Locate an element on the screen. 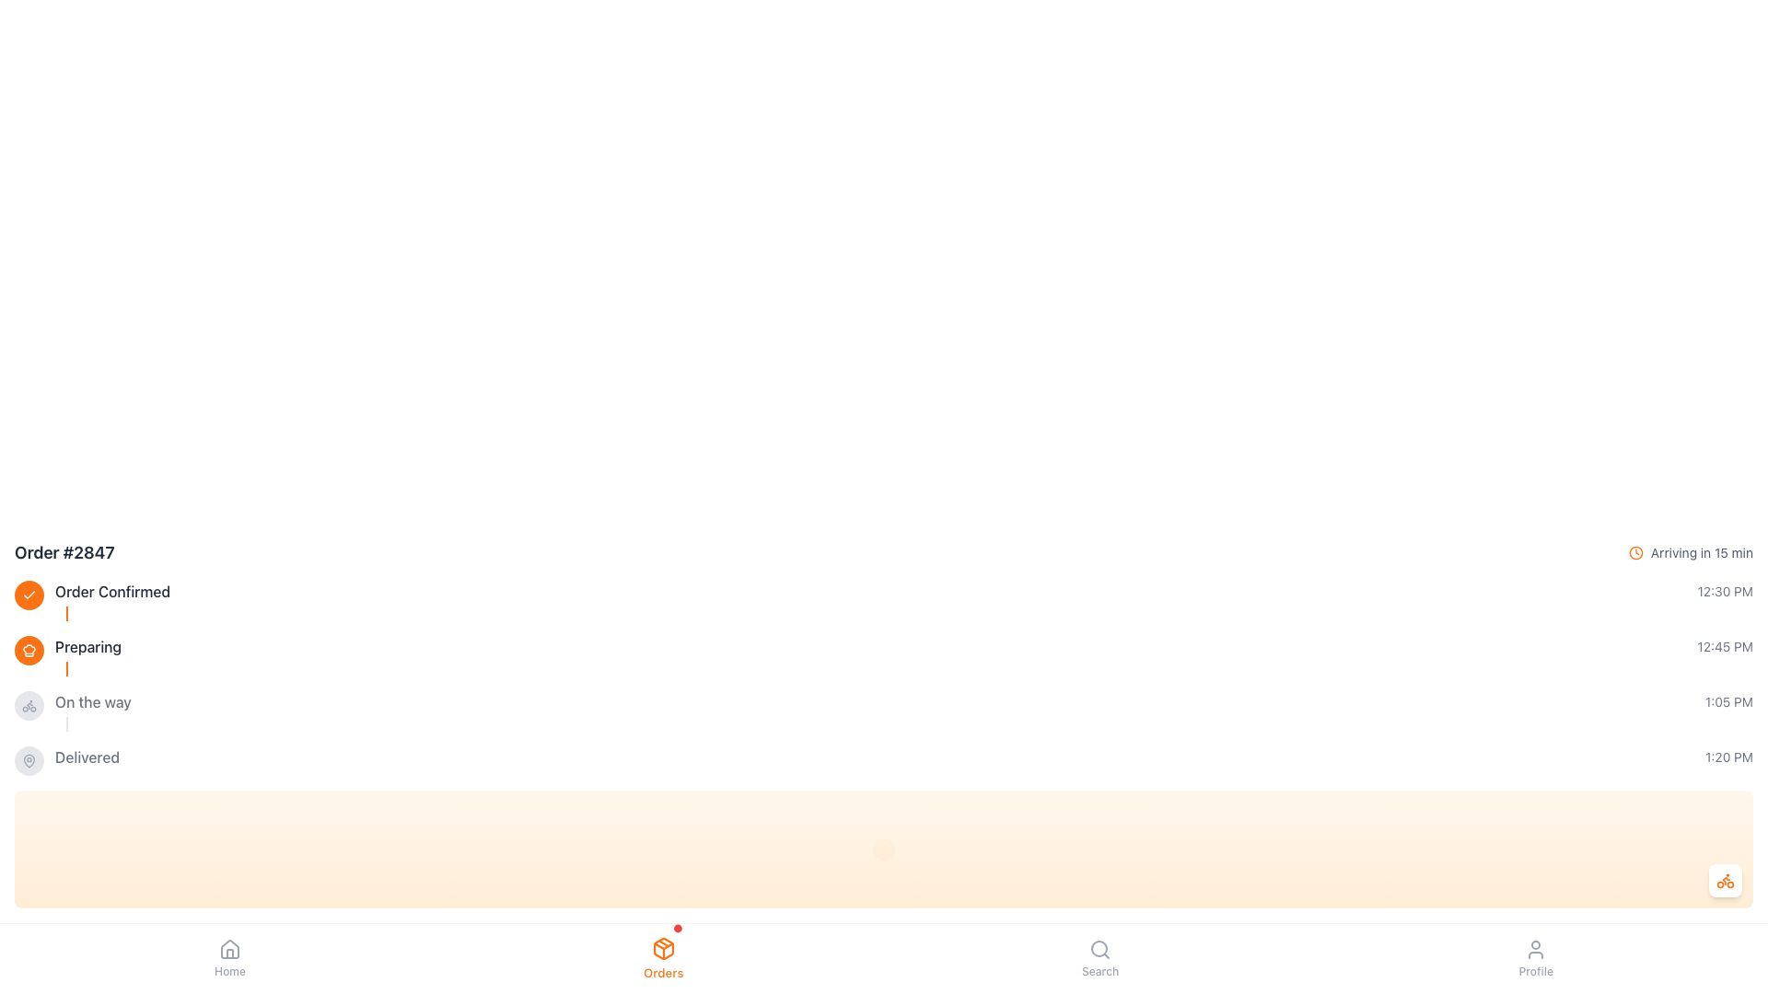 The height and width of the screenshot is (994, 1768). the 'Home' icon located at the bottom left of the navigation bar is located at coordinates (228, 949).